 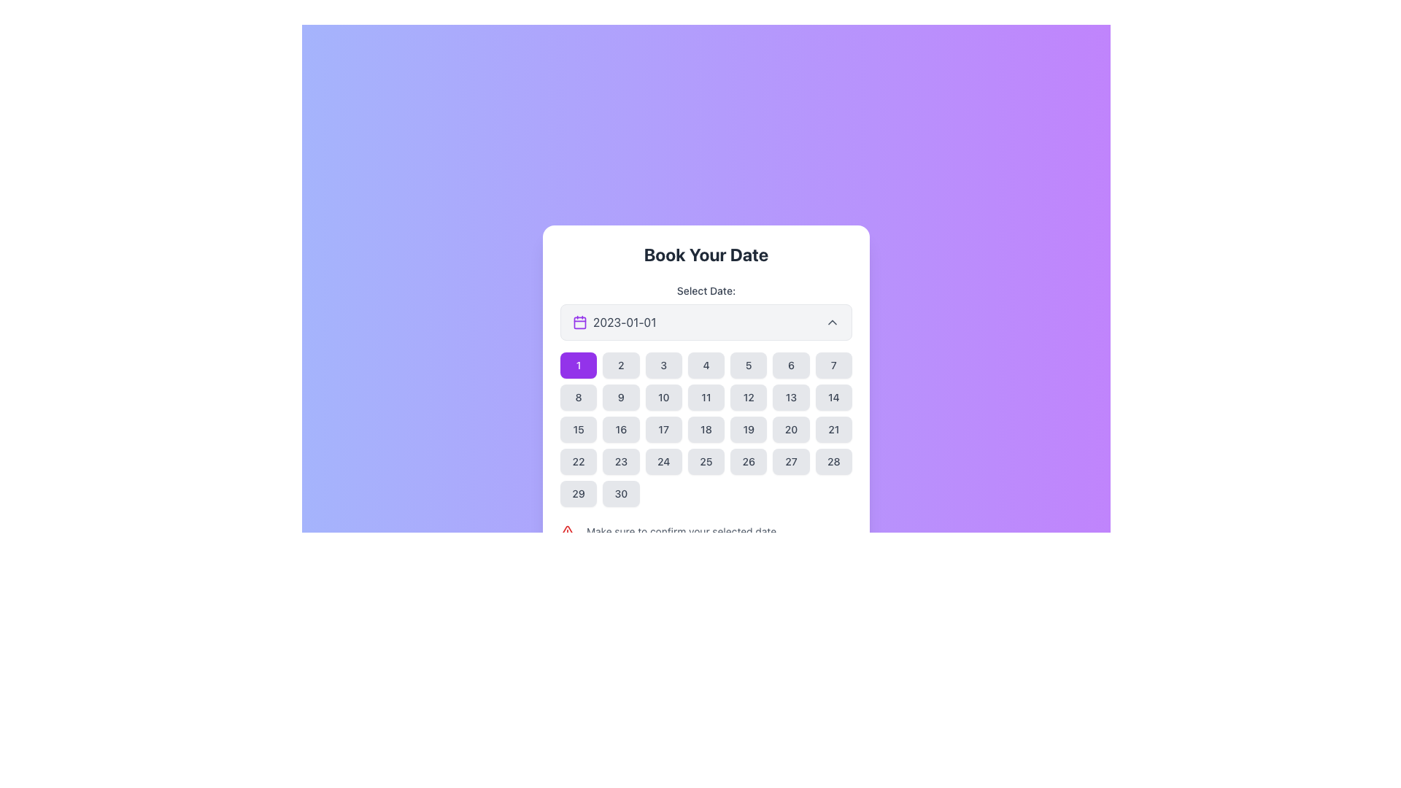 What do you see at coordinates (663, 461) in the screenshot?
I see `the selectable date button representing the 24th day in the calendar widget, located in the fourth row and fourth column of the grid layout` at bounding box center [663, 461].